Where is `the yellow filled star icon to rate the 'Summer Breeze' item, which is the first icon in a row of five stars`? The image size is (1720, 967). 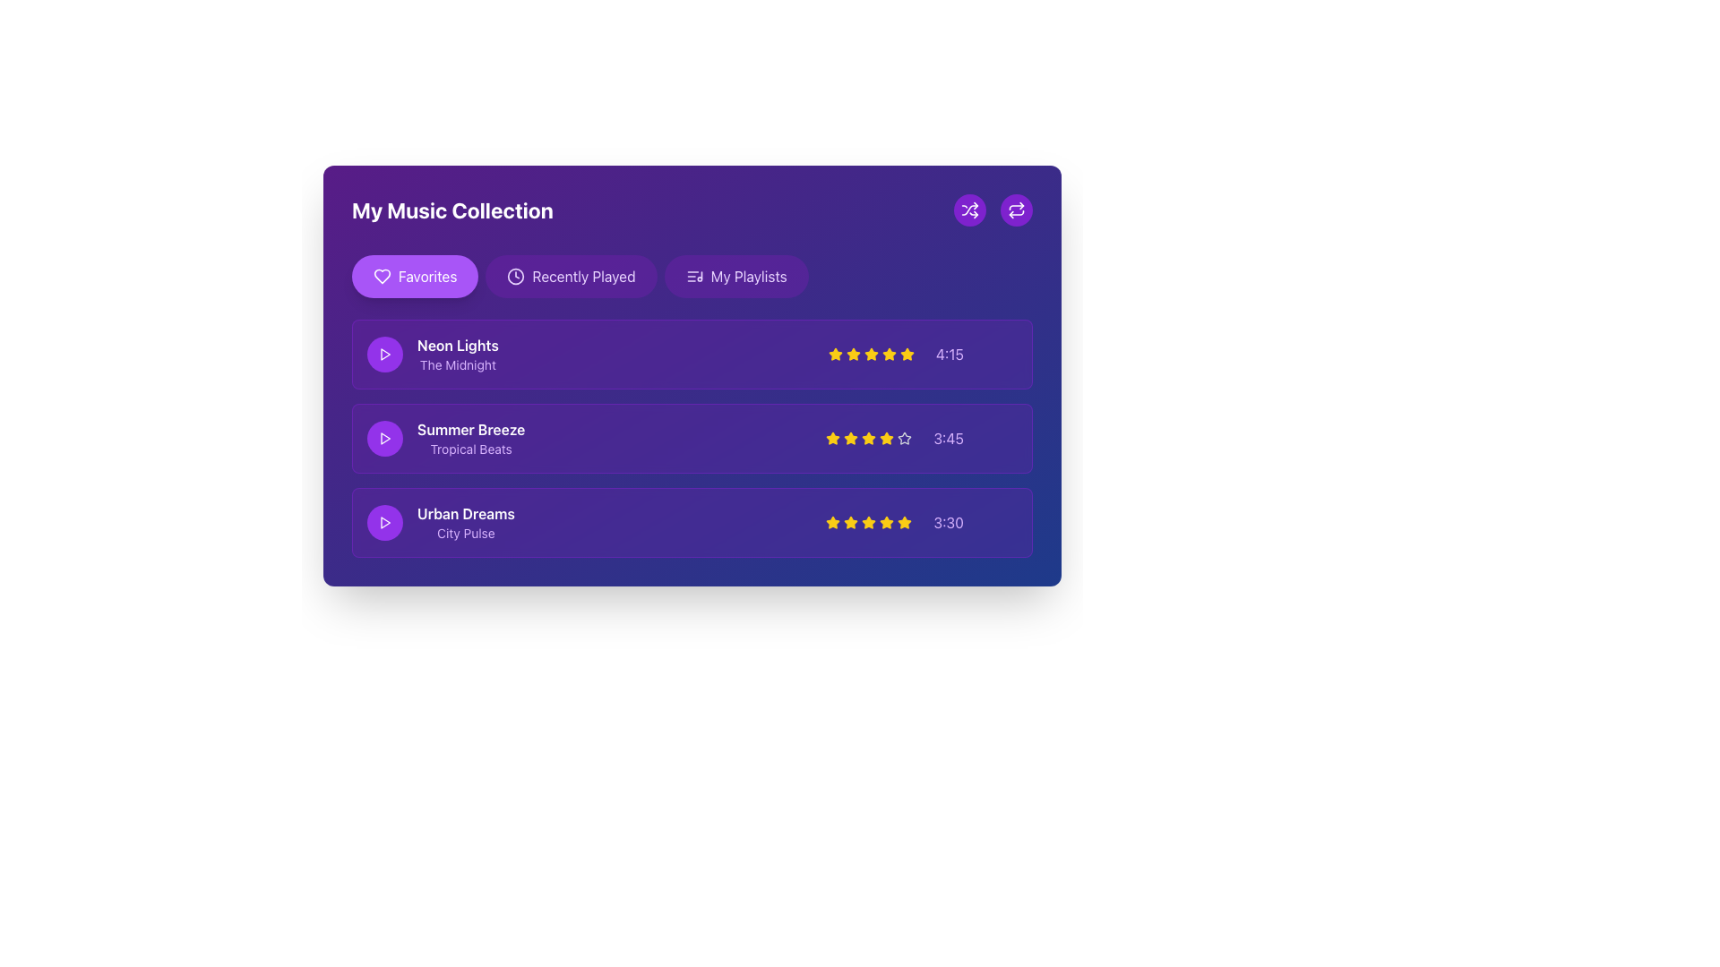
the yellow filled star icon to rate the 'Summer Breeze' item, which is the first icon in a row of five stars is located at coordinates (832, 438).